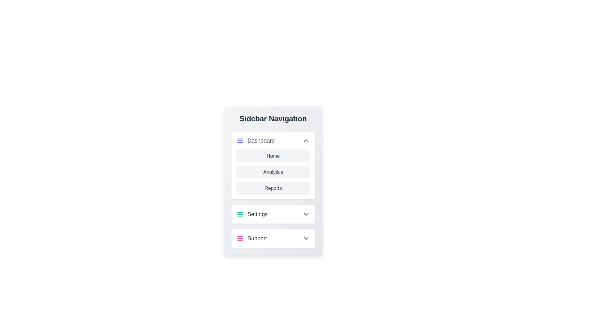  What do you see at coordinates (273, 214) in the screenshot?
I see `the second major navigation item` at bounding box center [273, 214].